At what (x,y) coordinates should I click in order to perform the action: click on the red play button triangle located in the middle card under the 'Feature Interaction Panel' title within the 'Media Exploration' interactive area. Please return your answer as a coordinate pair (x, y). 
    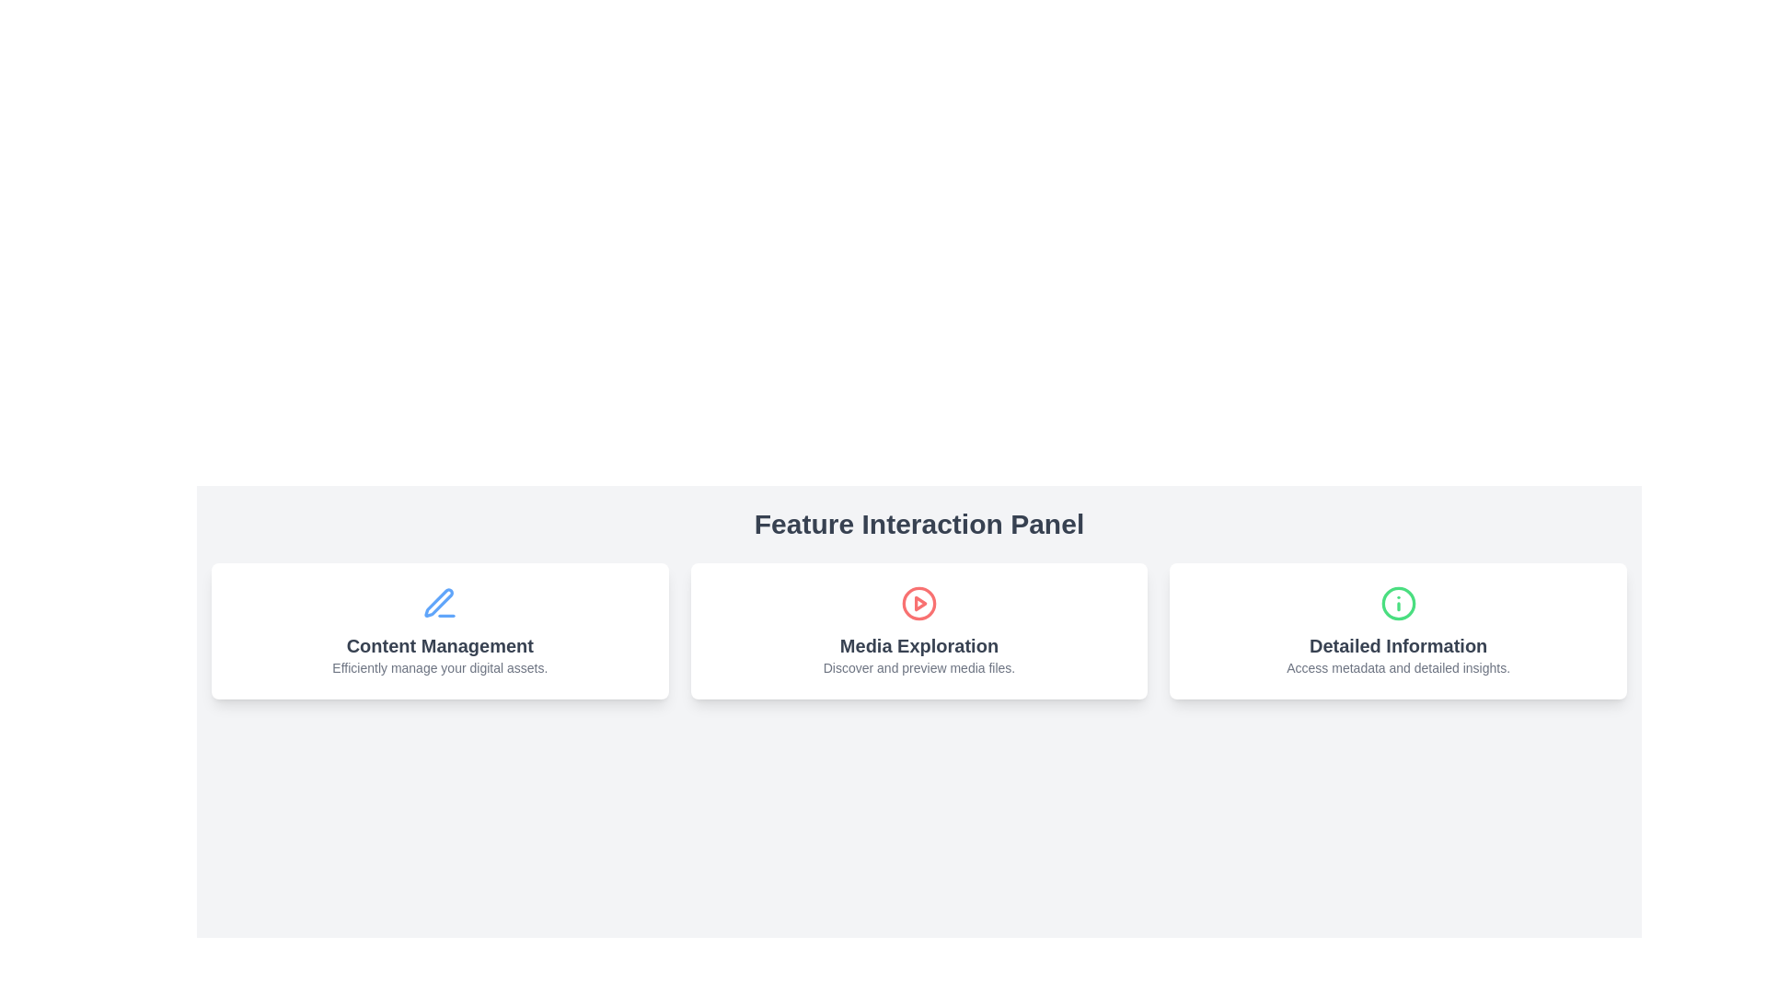
    Looking at the image, I should click on (920, 603).